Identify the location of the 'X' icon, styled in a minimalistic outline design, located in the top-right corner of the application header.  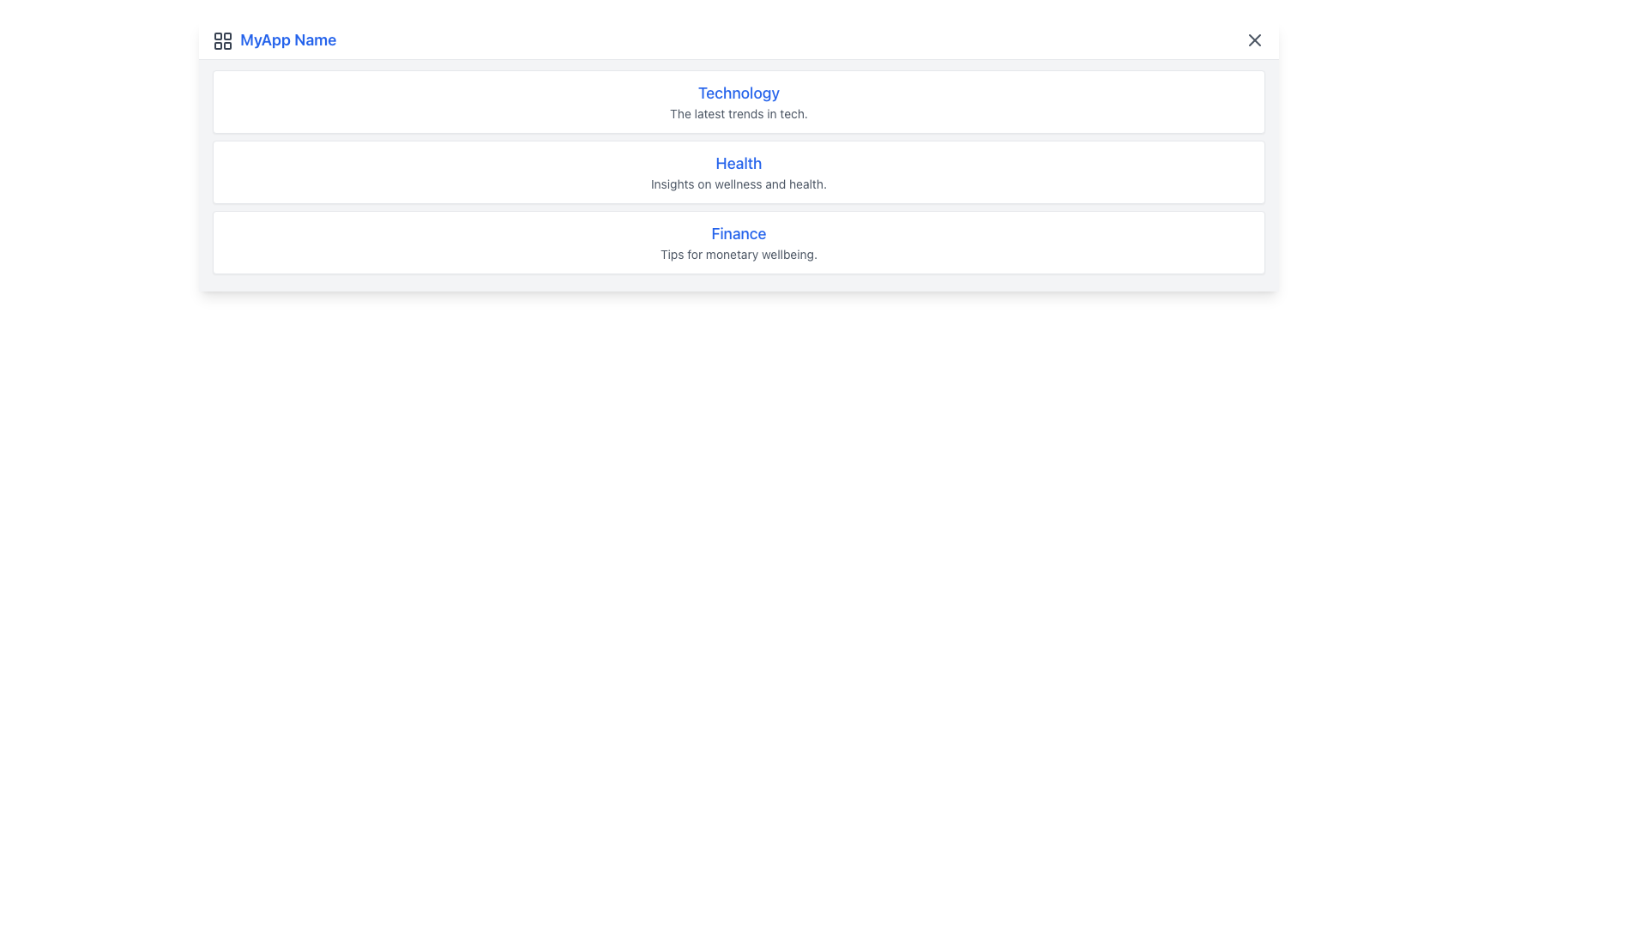
(1255, 39).